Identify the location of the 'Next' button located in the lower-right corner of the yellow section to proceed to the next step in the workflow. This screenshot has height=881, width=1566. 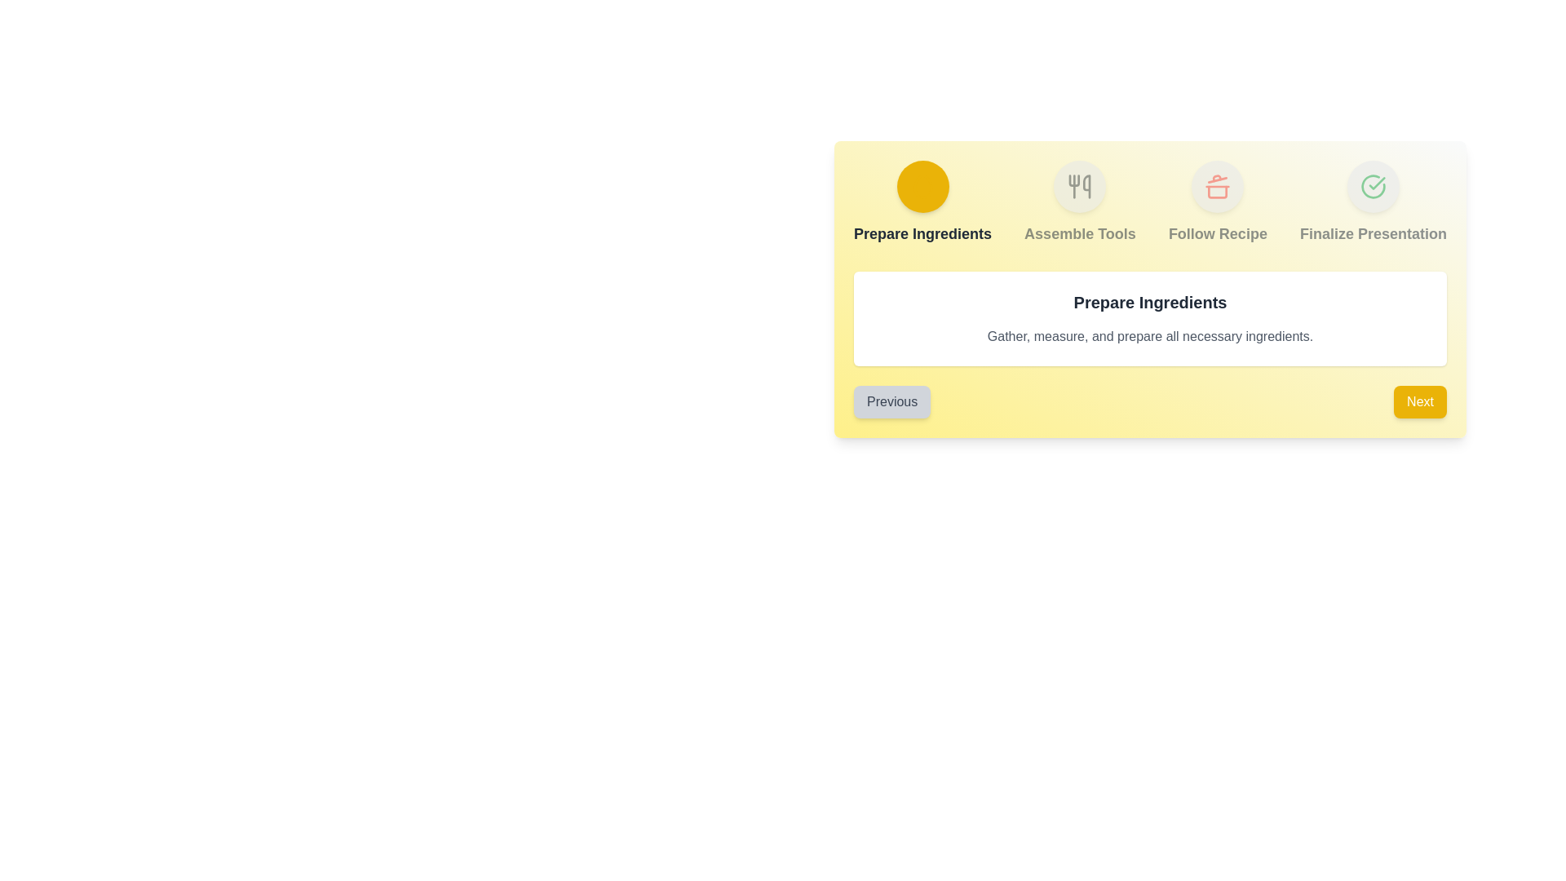
(1419, 402).